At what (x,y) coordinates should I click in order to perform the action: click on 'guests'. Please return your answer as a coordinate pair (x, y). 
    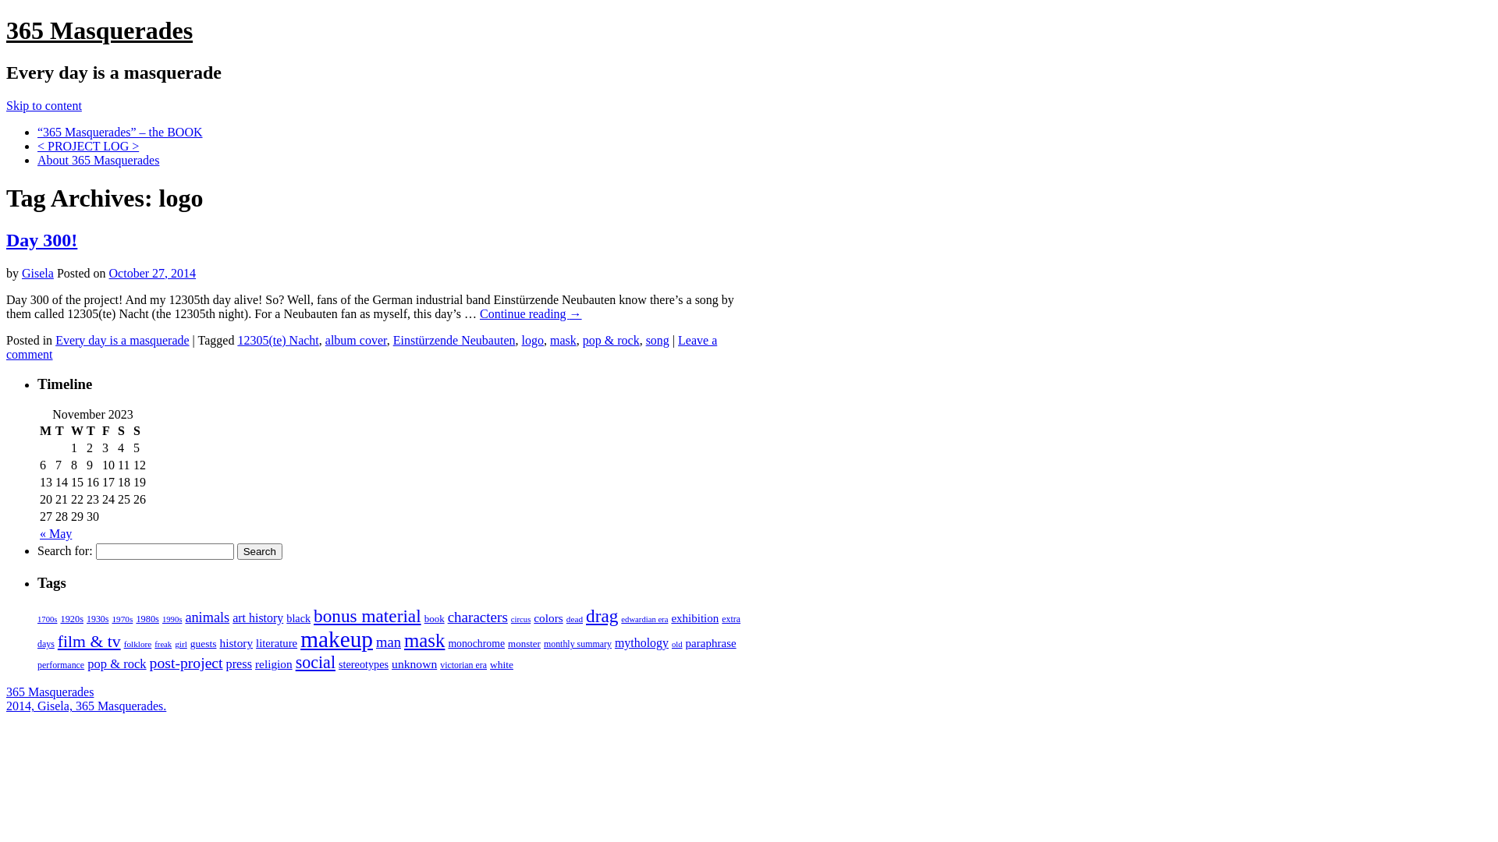
    Looking at the image, I should click on (202, 643).